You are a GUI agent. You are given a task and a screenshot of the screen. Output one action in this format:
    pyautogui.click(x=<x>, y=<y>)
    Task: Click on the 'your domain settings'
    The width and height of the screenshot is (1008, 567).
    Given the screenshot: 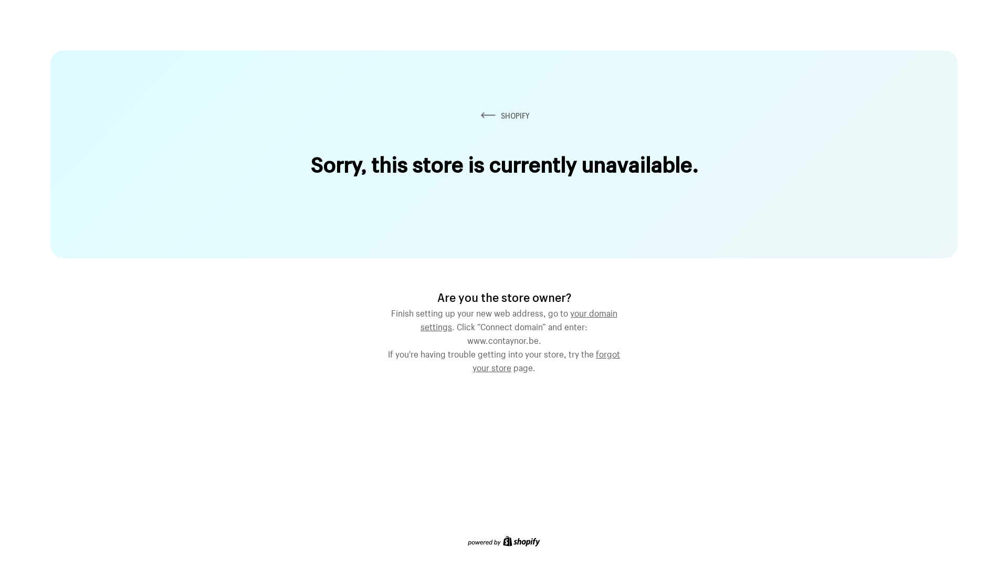 What is the action you would take?
    pyautogui.click(x=519, y=318)
    